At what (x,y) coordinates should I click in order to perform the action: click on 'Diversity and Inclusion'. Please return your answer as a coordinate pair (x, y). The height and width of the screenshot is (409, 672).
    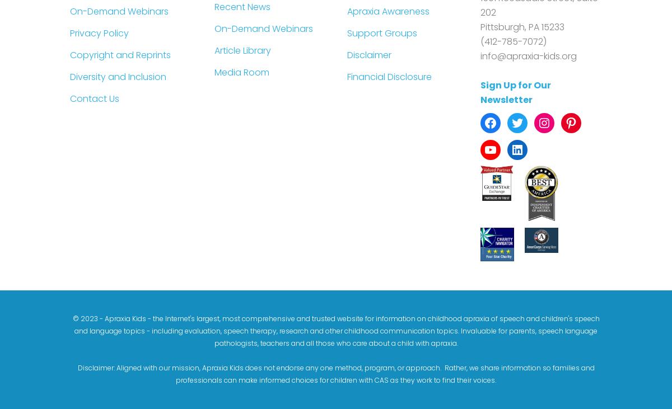
    Looking at the image, I should click on (117, 76).